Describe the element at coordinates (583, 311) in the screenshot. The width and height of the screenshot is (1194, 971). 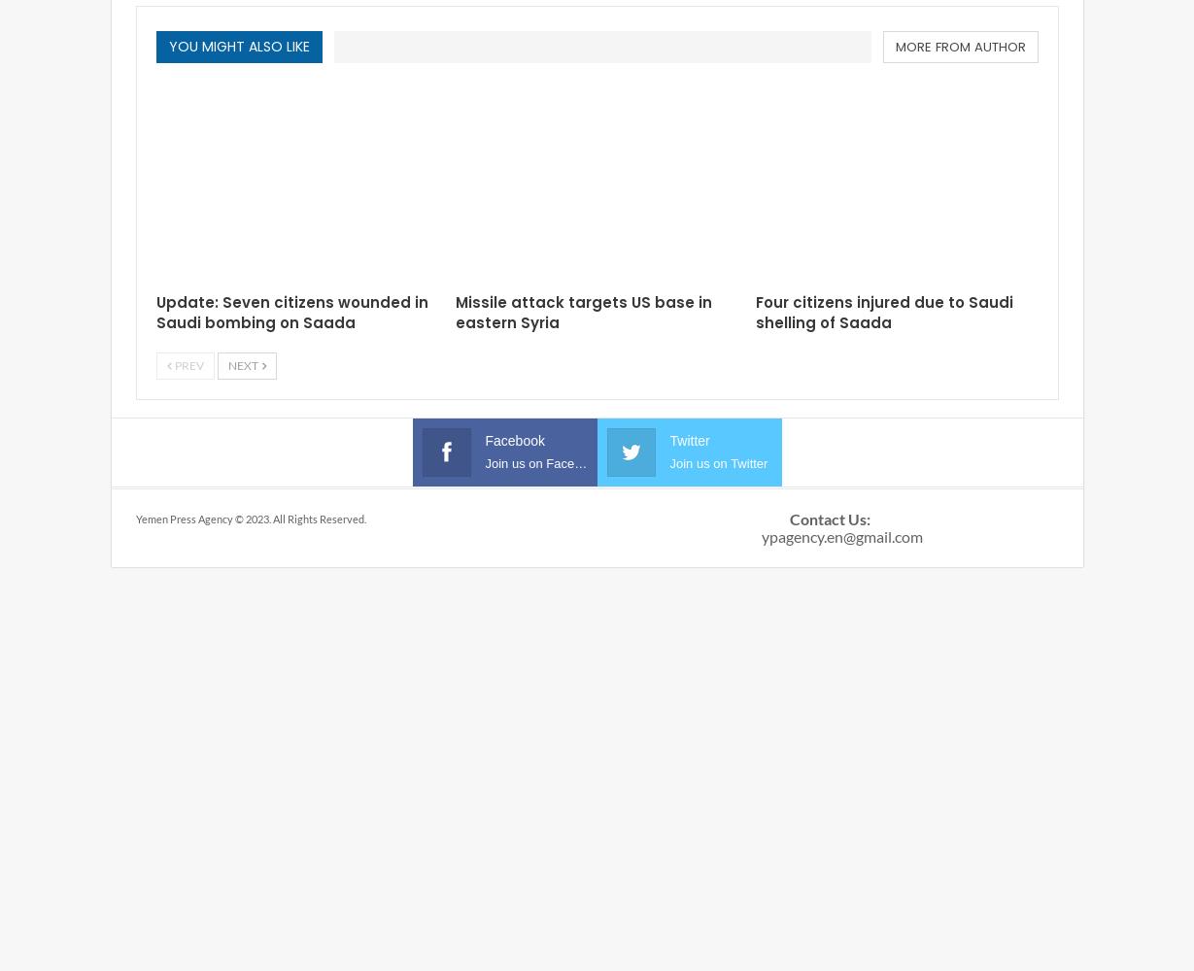
I see `'Missile attack targets US base in eastern Syria'` at that location.